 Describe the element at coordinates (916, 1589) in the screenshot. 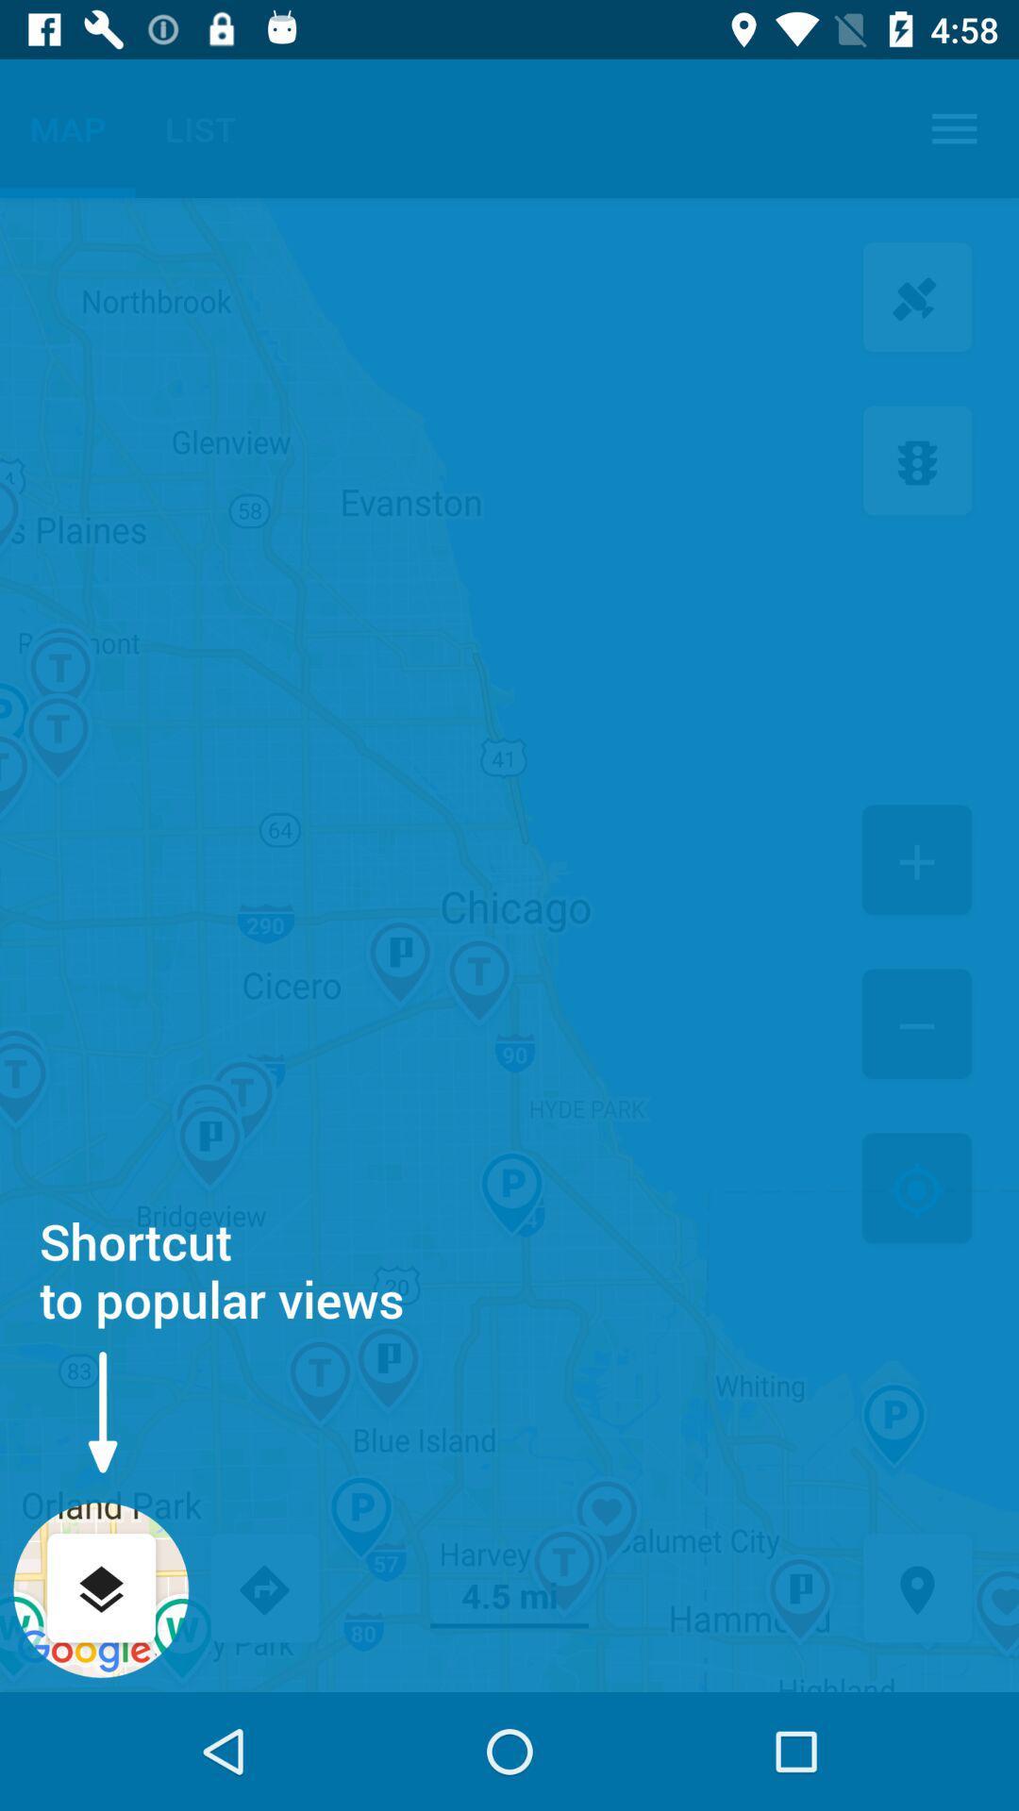

I see `item at the bottom right corner` at that location.